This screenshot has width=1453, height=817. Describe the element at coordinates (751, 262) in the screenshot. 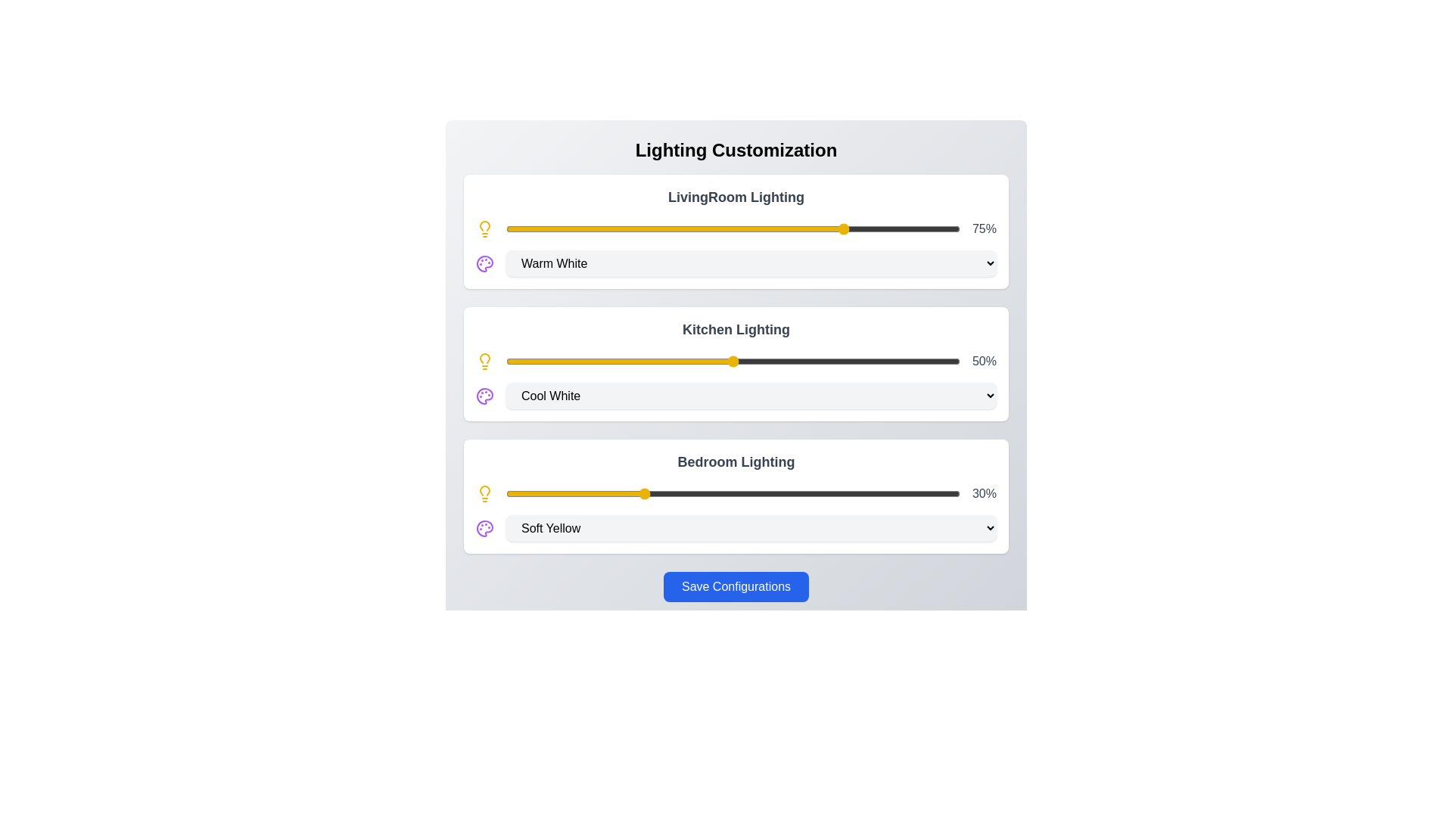

I see `the color Warm White from the dropdown menu of the livingRoom lighting` at that location.